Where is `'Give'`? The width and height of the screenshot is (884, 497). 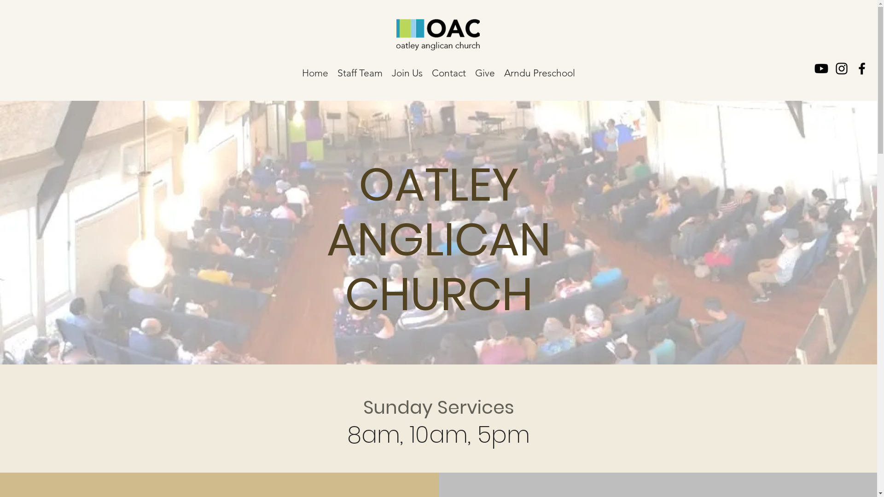
'Give' is located at coordinates (484, 70).